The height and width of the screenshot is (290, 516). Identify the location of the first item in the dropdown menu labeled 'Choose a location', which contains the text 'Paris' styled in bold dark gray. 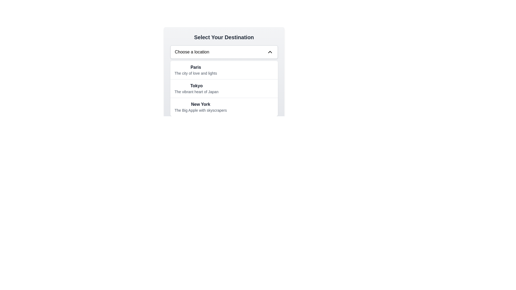
(195, 70).